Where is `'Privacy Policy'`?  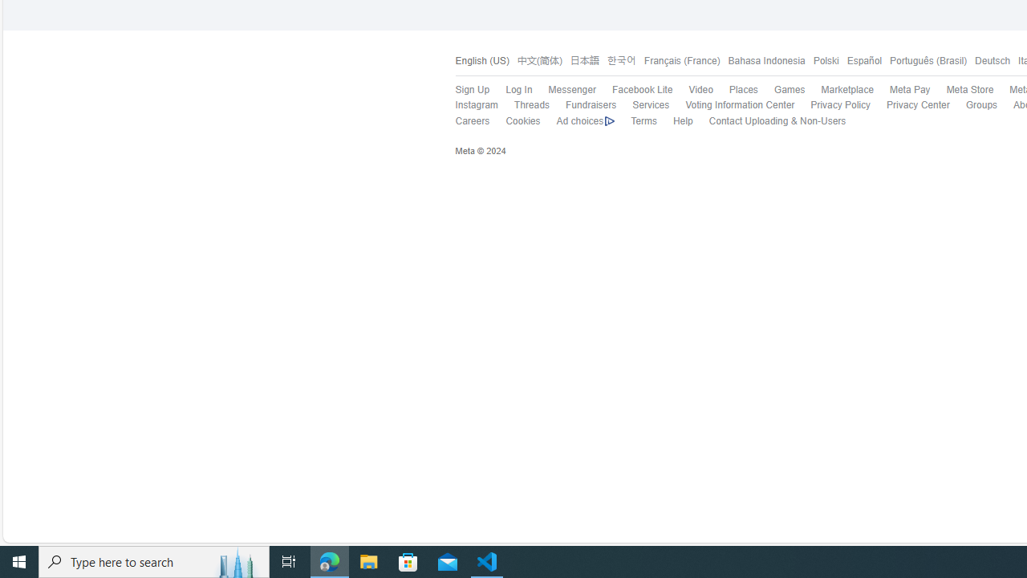 'Privacy Policy' is located at coordinates (839, 105).